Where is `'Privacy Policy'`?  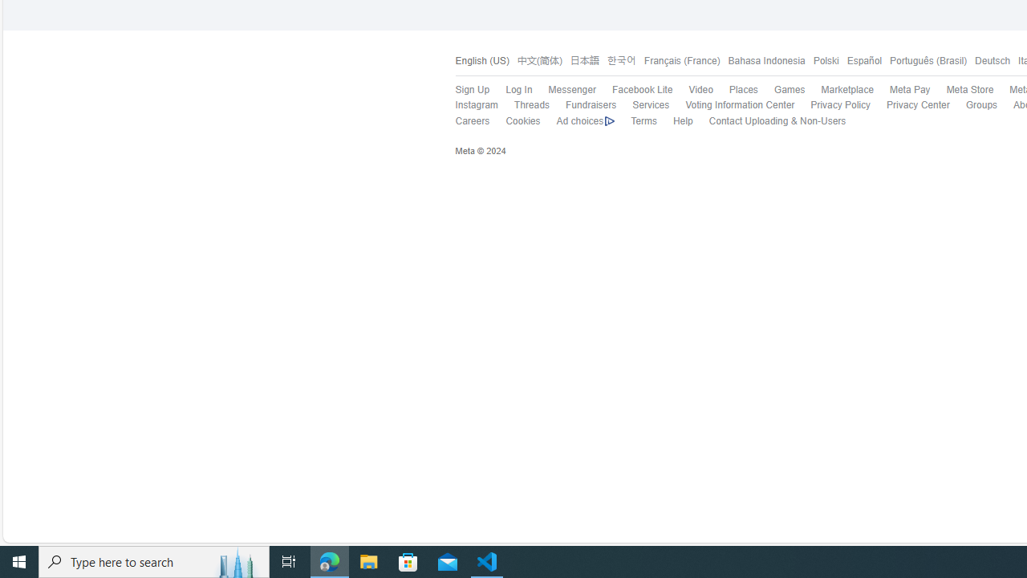 'Privacy Policy' is located at coordinates (839, 105).